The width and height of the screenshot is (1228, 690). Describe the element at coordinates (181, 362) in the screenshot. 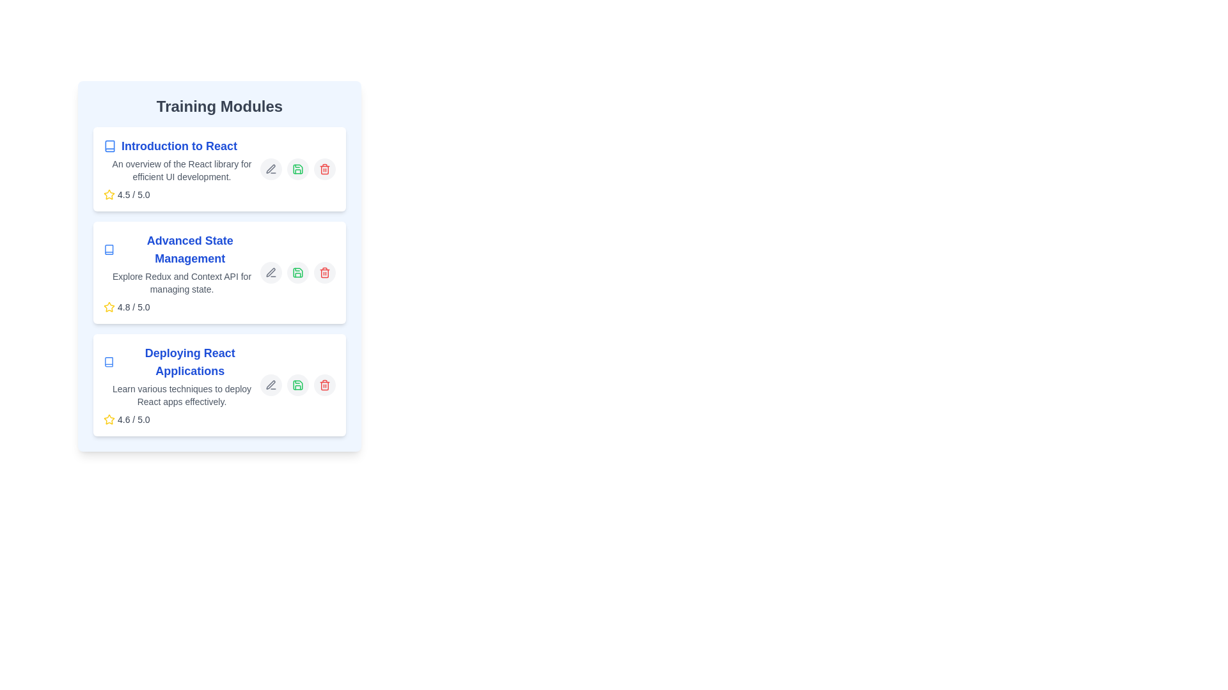

I see `the 'Deploying React Applications' text label with icon in the third card of the 'Training Modules' section for more options` at that location.